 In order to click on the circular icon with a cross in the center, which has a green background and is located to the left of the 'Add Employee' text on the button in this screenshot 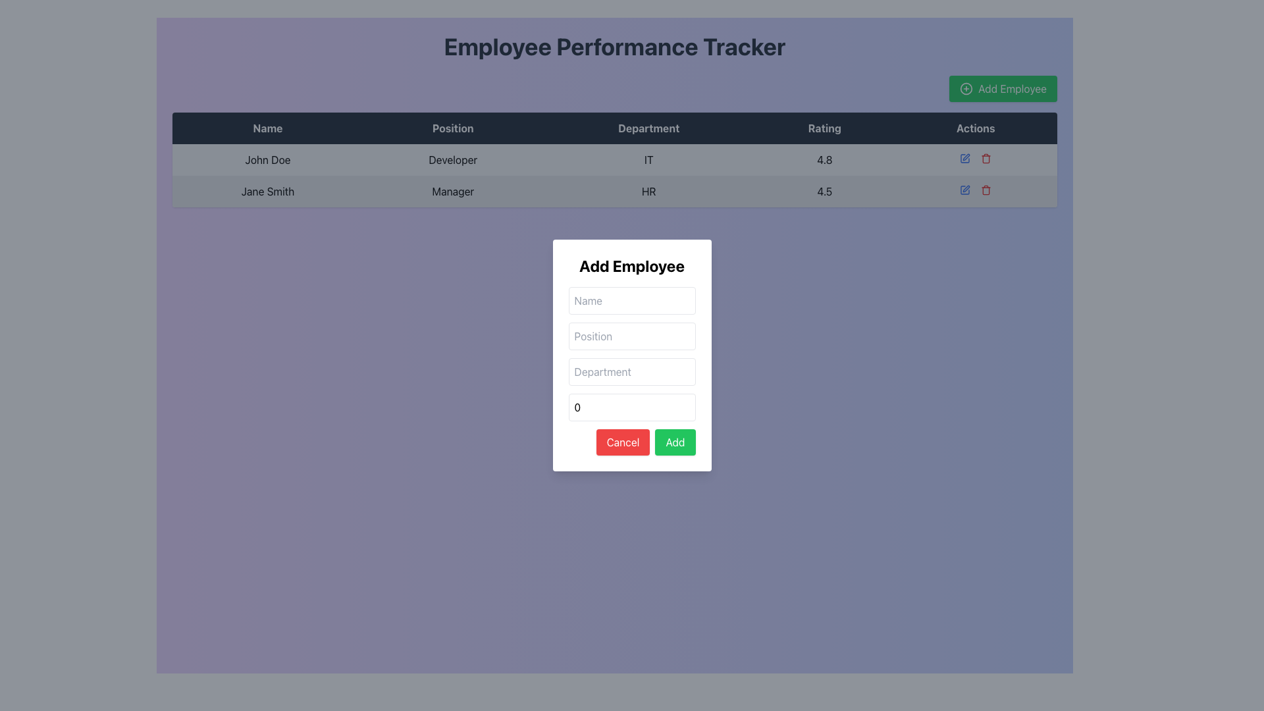, I will do `click(966, 89)`.